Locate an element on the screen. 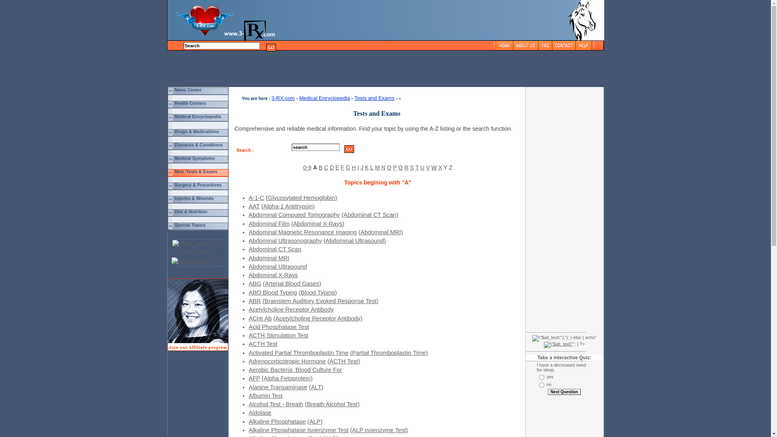  'E' is located at coordinates (335, 167).